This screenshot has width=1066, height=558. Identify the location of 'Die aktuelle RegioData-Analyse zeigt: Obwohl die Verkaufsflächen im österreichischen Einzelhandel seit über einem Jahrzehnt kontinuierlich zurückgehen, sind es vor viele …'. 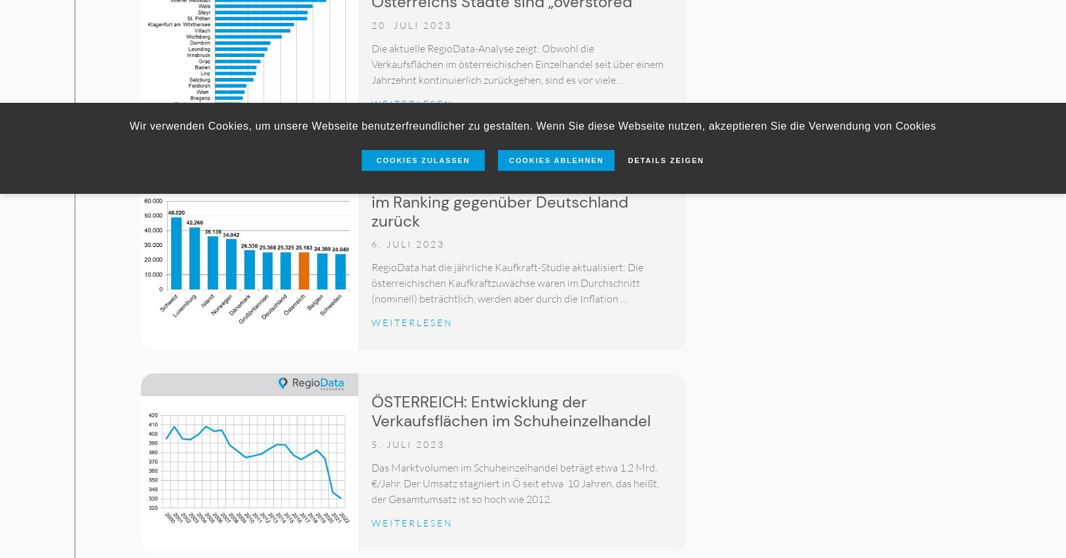
(517, 63).